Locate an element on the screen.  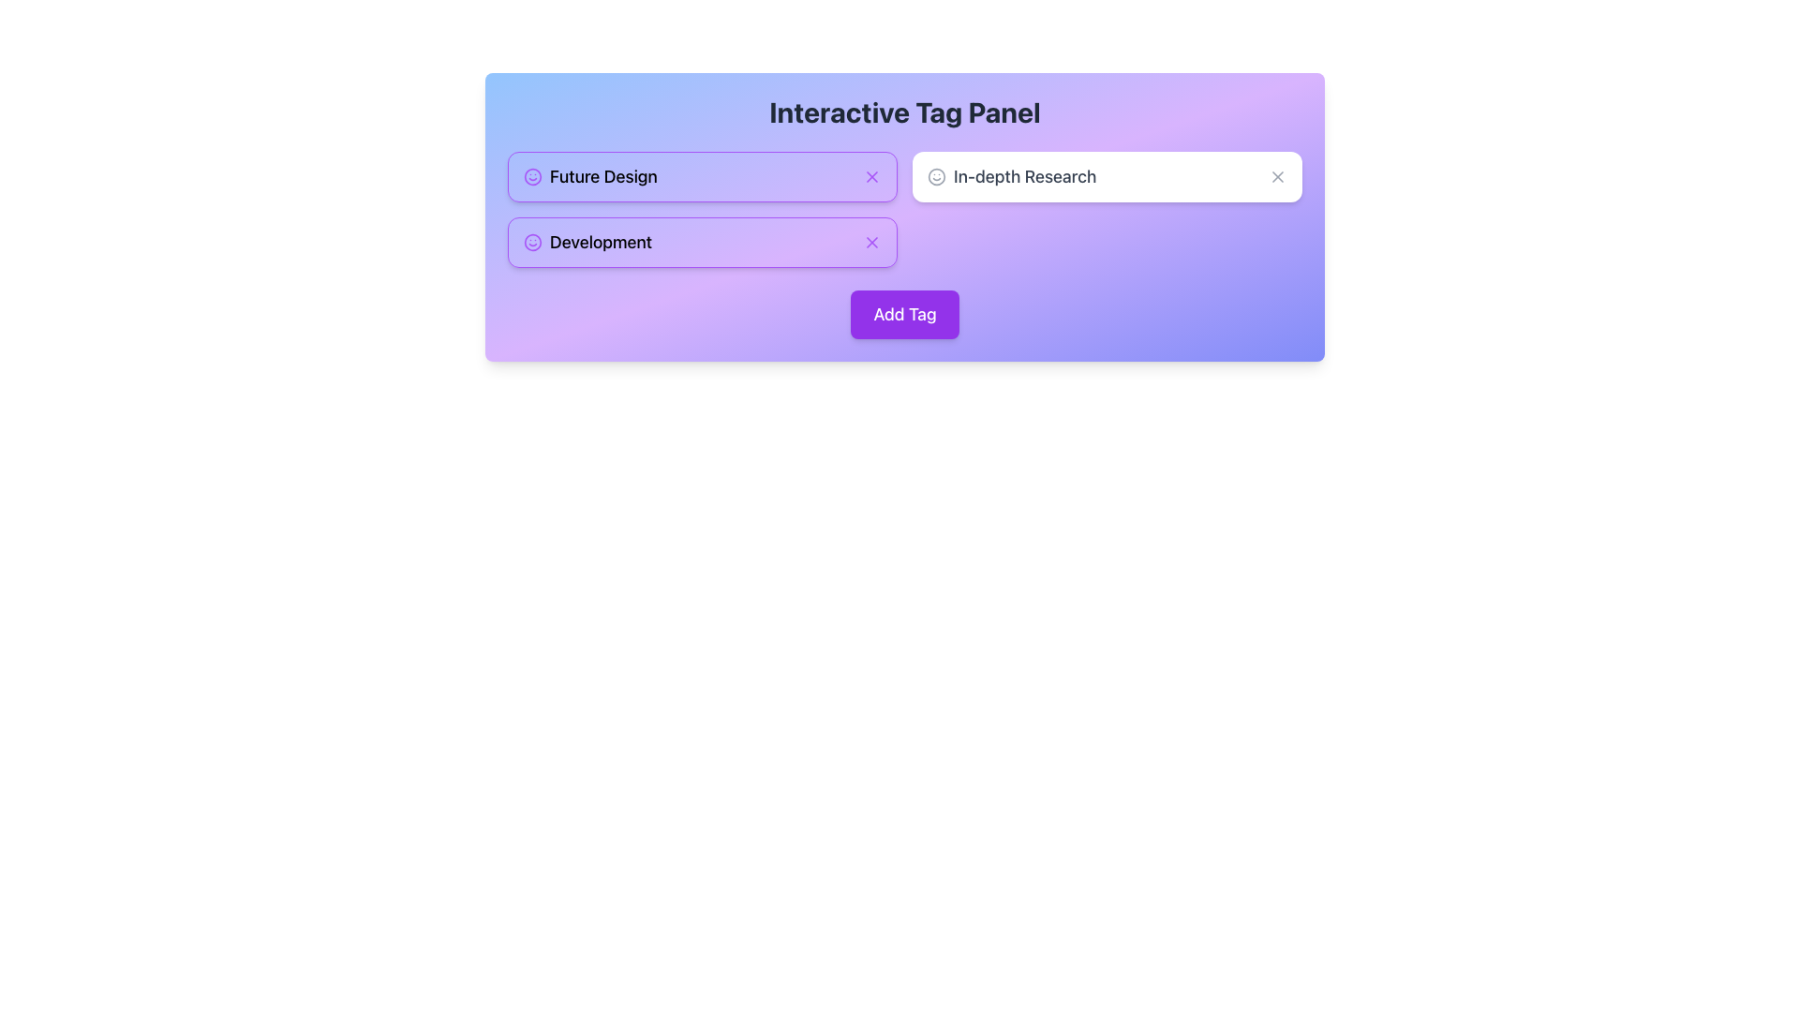
the rectangular button with a purple background and white text saying 'Add Tag', located at the center-bottom of the 'Interactive Tag Panel' is located at coordinates (904, 313).